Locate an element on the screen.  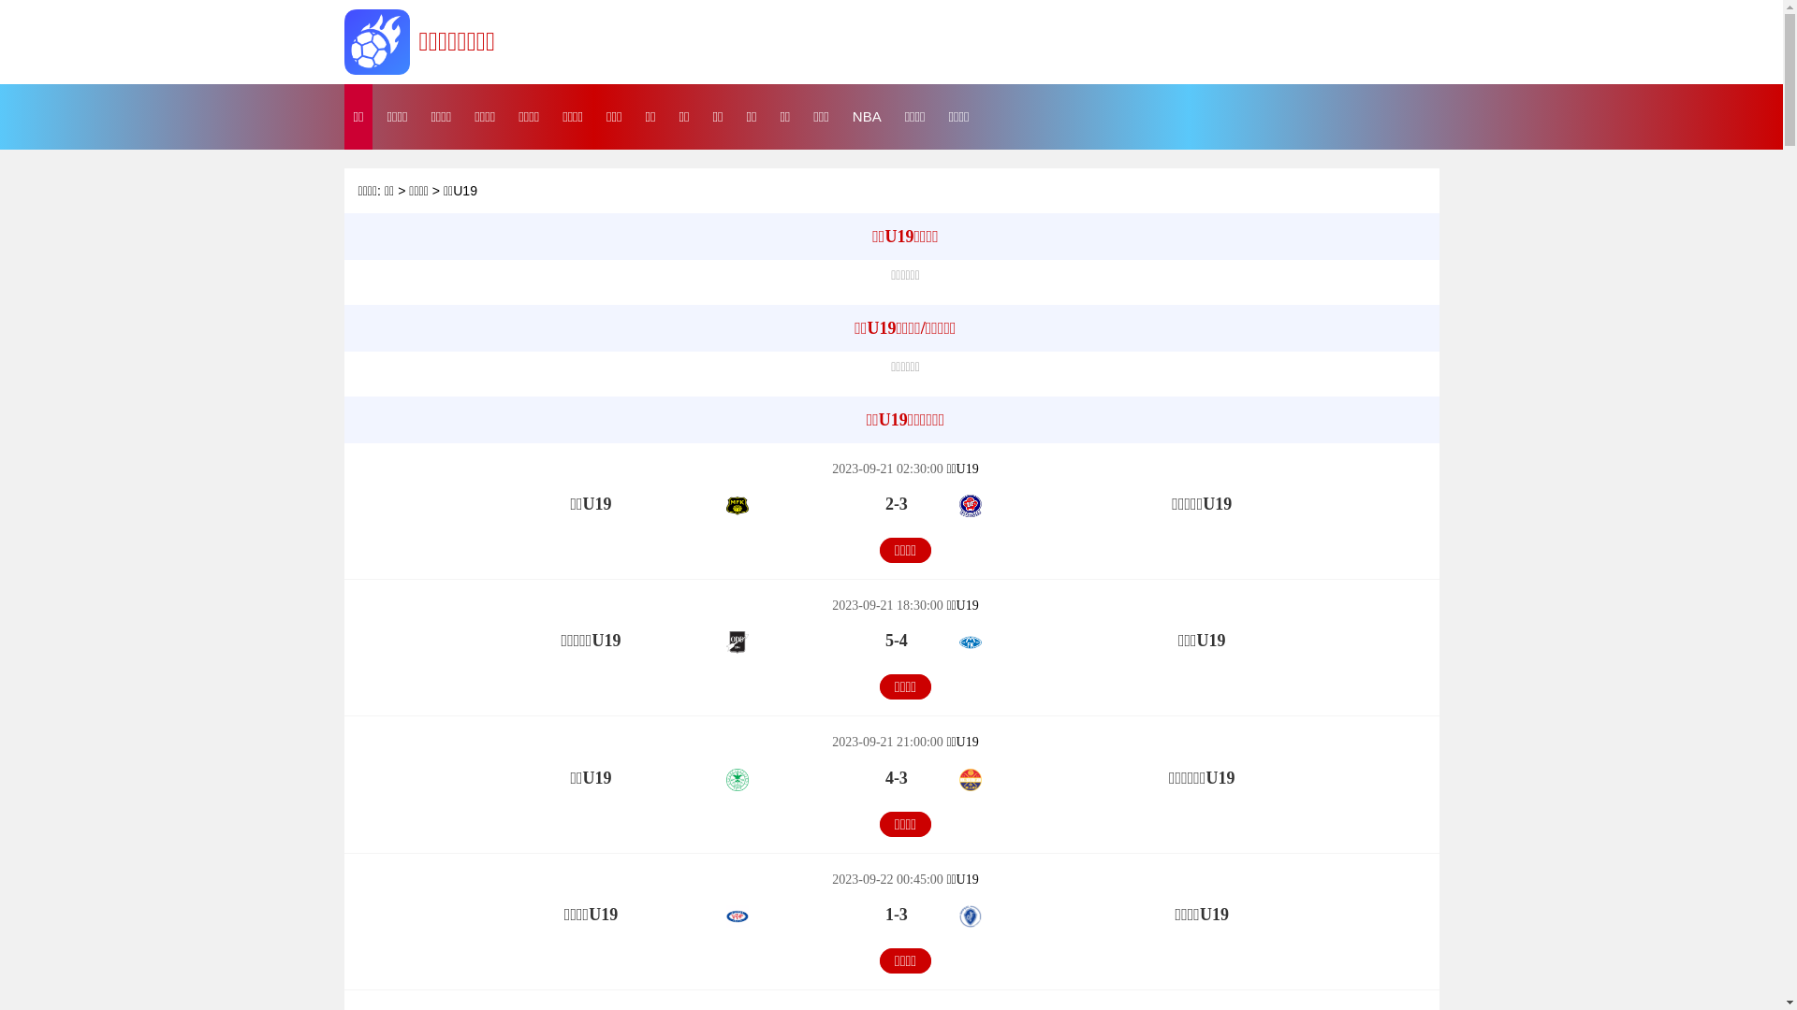
'NBA' is located at coordinates (866, 116).